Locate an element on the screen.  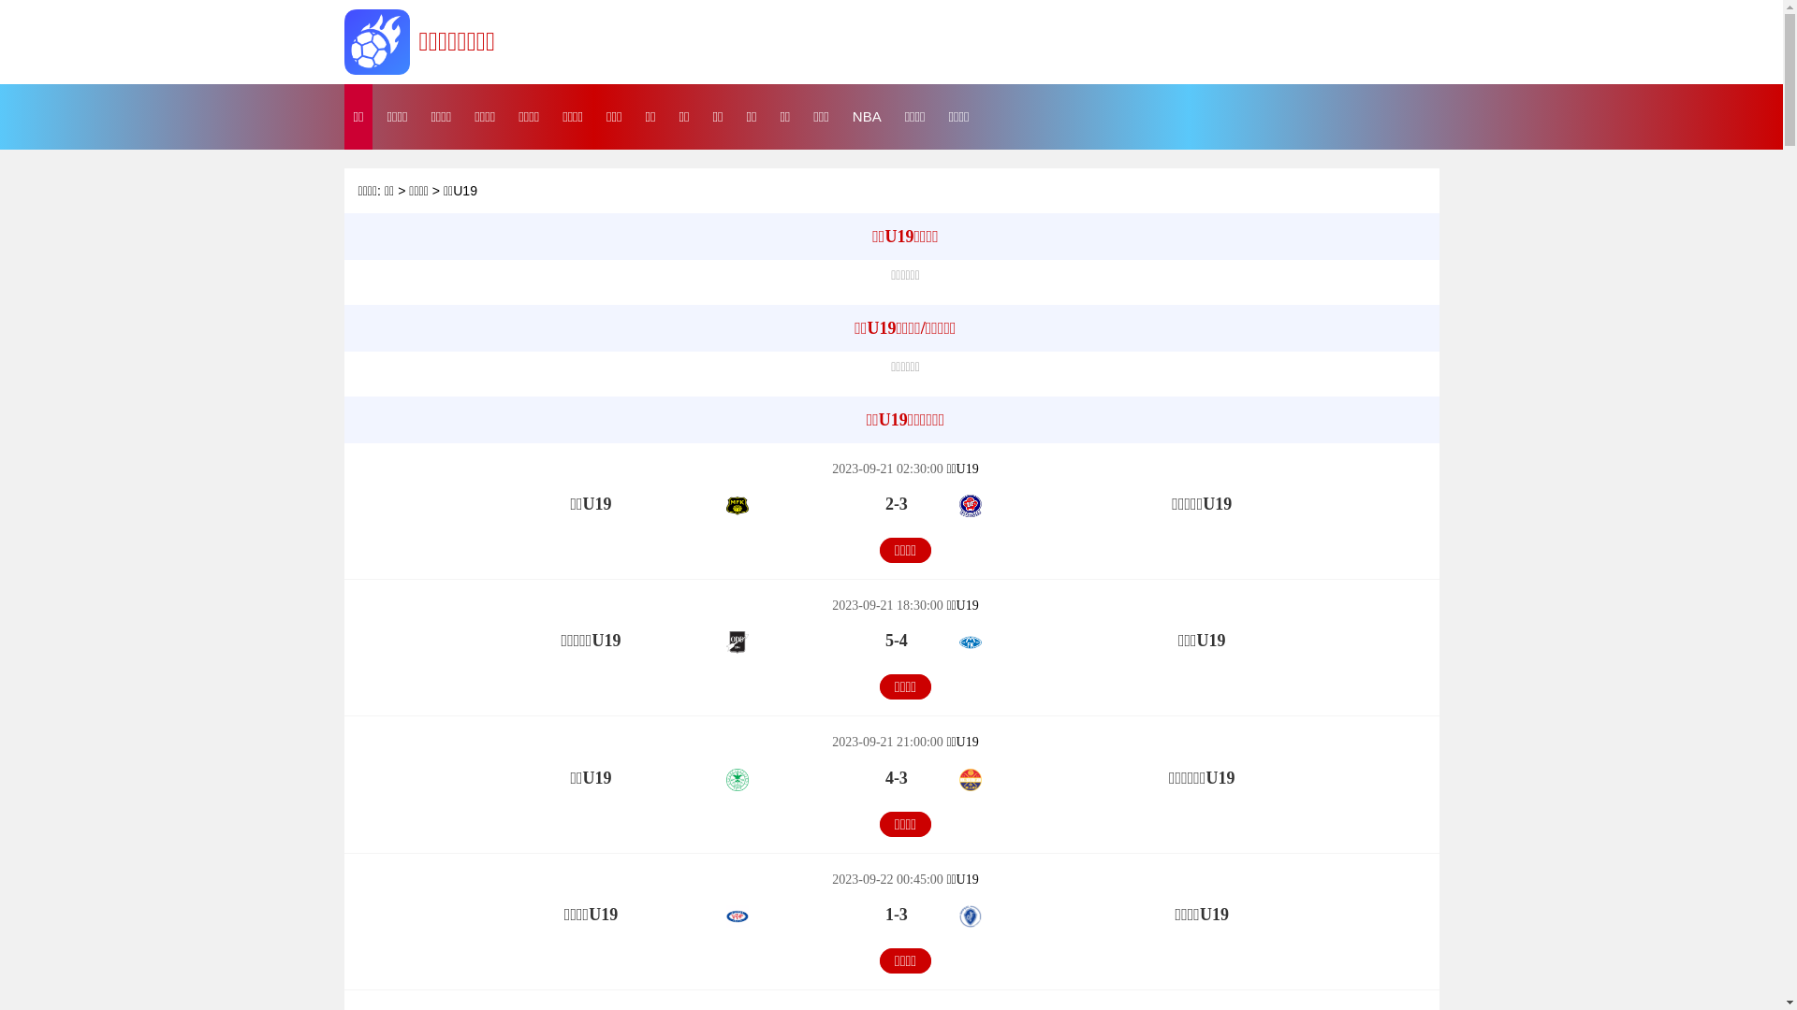
'NBA' is located at coordinates (866, 116).